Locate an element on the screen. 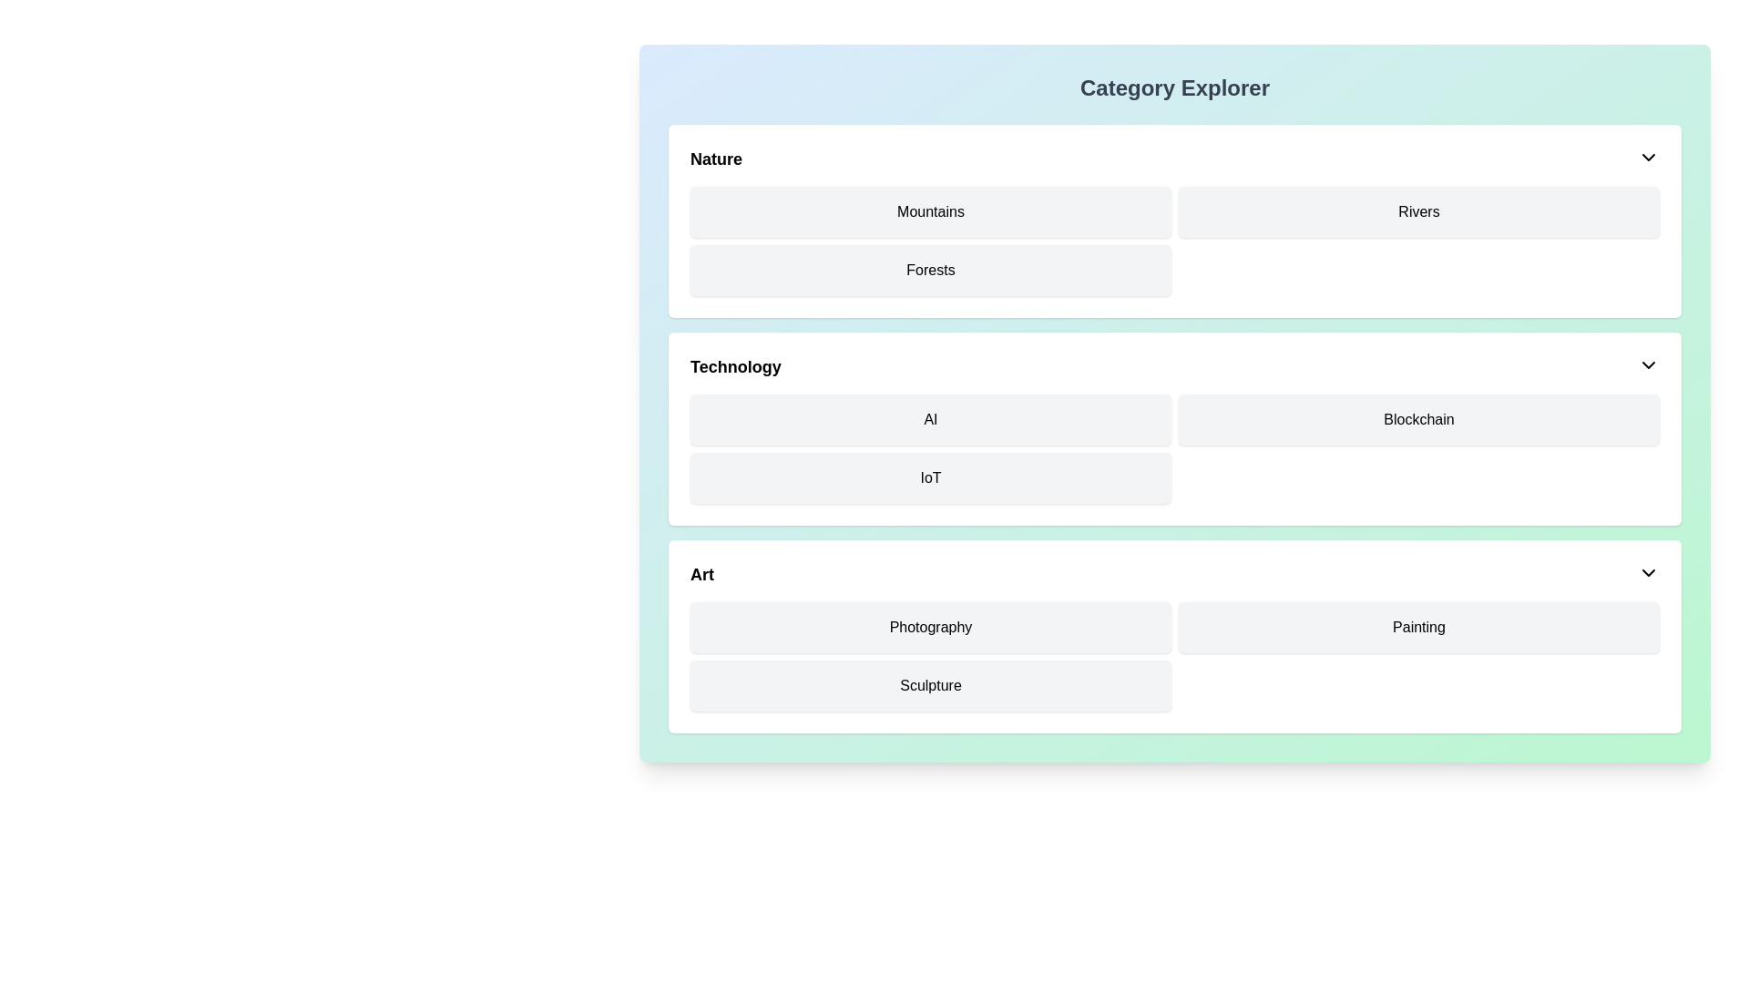 The height and width of the screenshot is (984, 1749). the 'IoT' text label, which is a bold font label with a light gray background and rounded corners, located in the second row under the 'Technology' section, centered below the 'AI' button and next to the 'Blockchain' button is located at coordinates (931, 477).